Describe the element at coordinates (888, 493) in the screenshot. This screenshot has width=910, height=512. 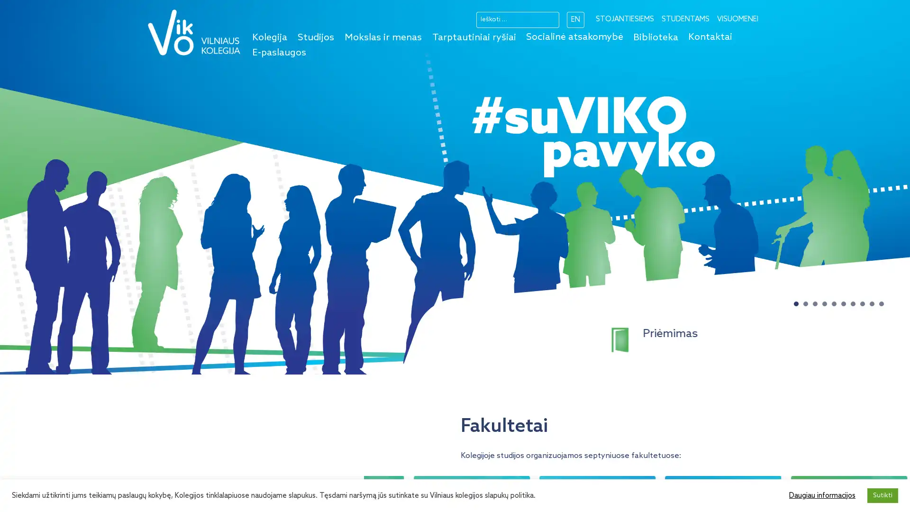
I see `Atgal i virsu` at that location.